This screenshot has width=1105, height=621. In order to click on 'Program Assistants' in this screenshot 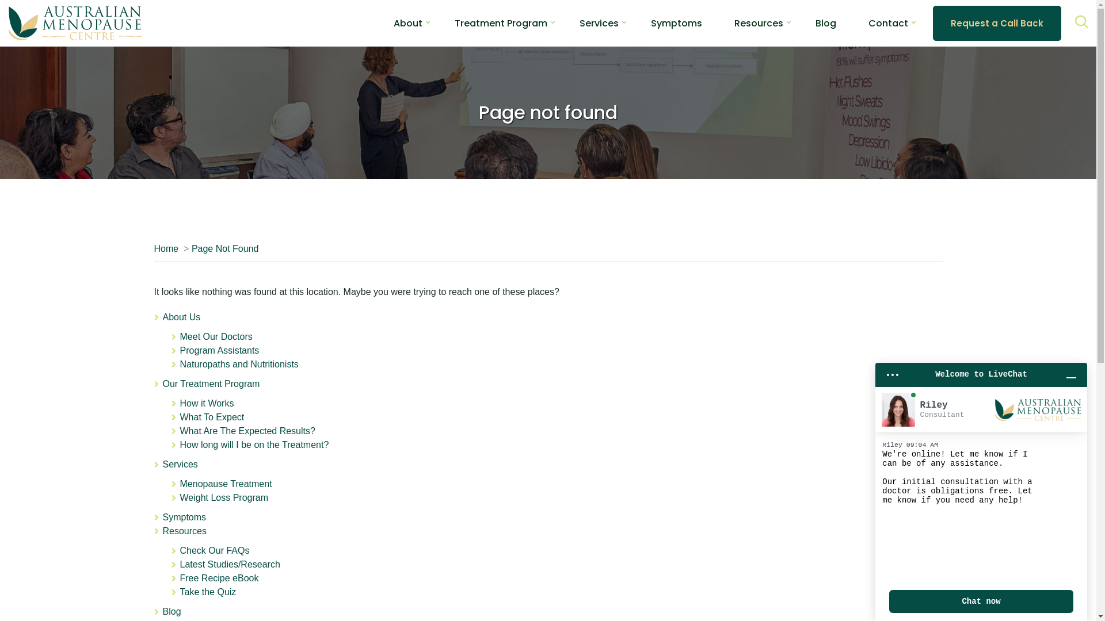, I will do `click(219, 350)`.